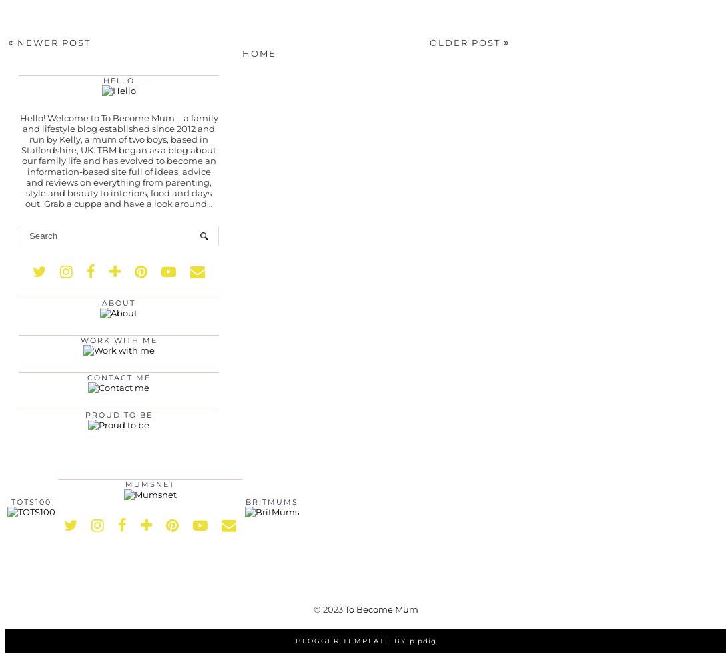 The width and height of the screenshot is (726, 656). I want to click on 'Hello! Welcome to To Become Mum – a family and lifestyle blog established since 2012 and run by Kelly, a mum of two boys, based in Staffordshire, UK. 
TBM began as a blog about our family life and has evolved to become an information-based site full of ideas, advice and reviews on everything from parenting, style and beauty to interiors, food and days out.
Grab a cuppa and have a look around…', so click(19, 161).